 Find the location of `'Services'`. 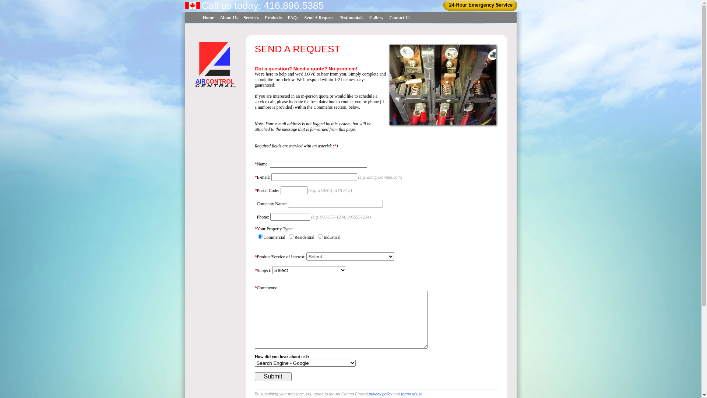

'Services' is located at coordinates (251, 17).